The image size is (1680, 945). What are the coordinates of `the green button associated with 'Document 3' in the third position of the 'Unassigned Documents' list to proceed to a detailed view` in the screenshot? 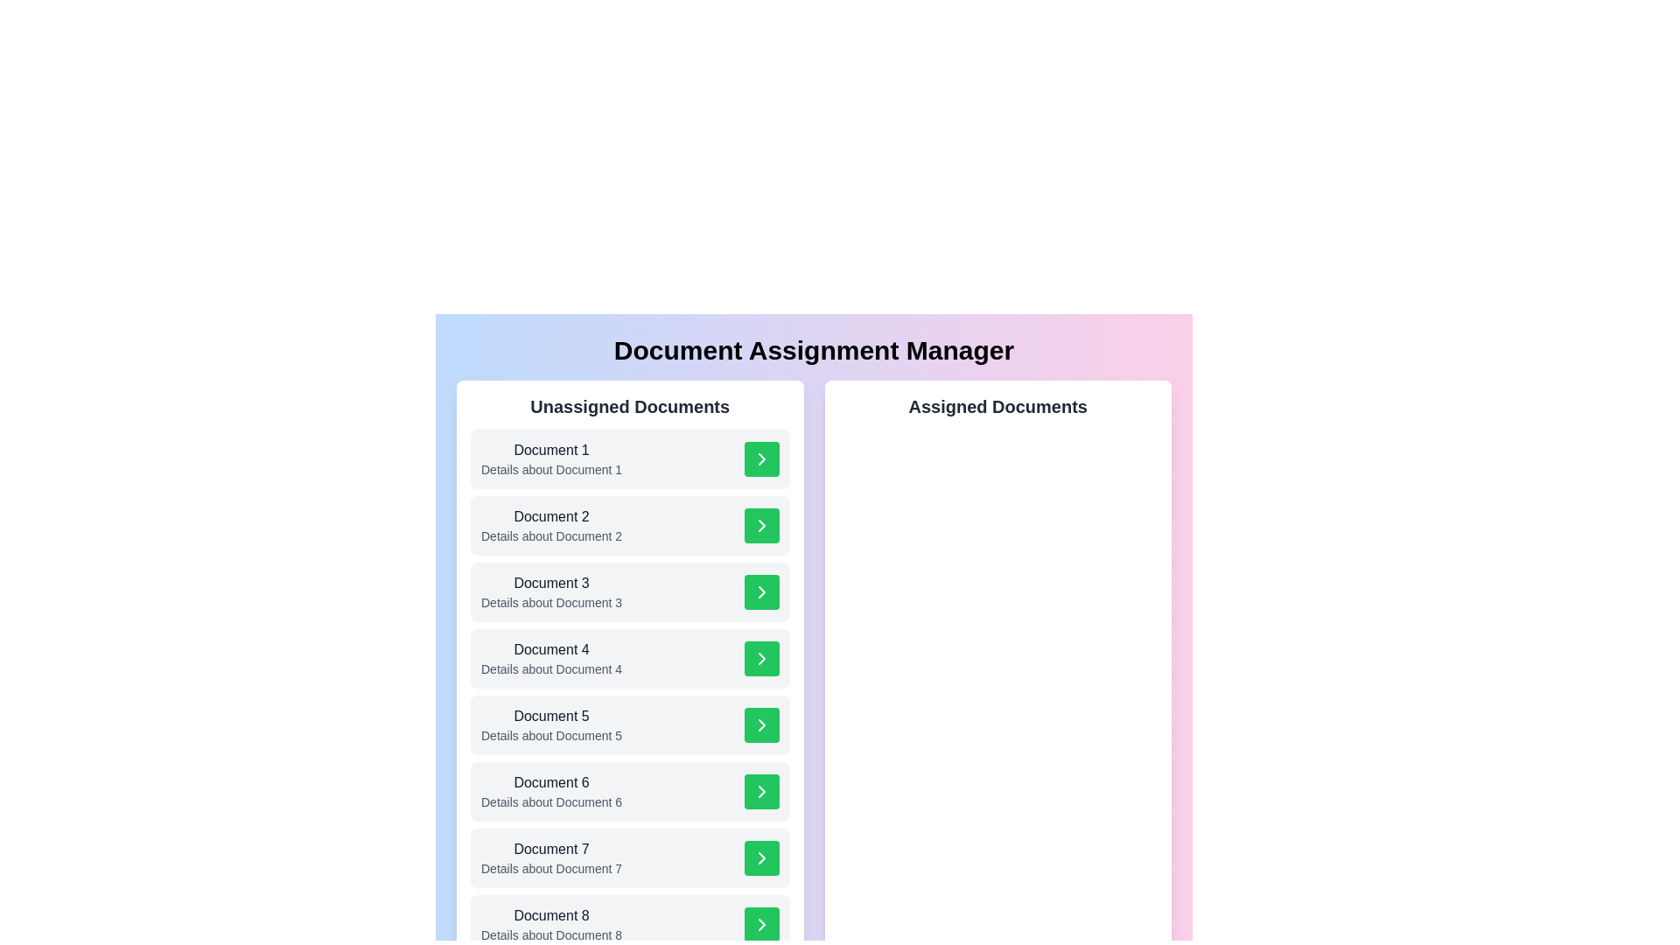 It's located at (630, 591).